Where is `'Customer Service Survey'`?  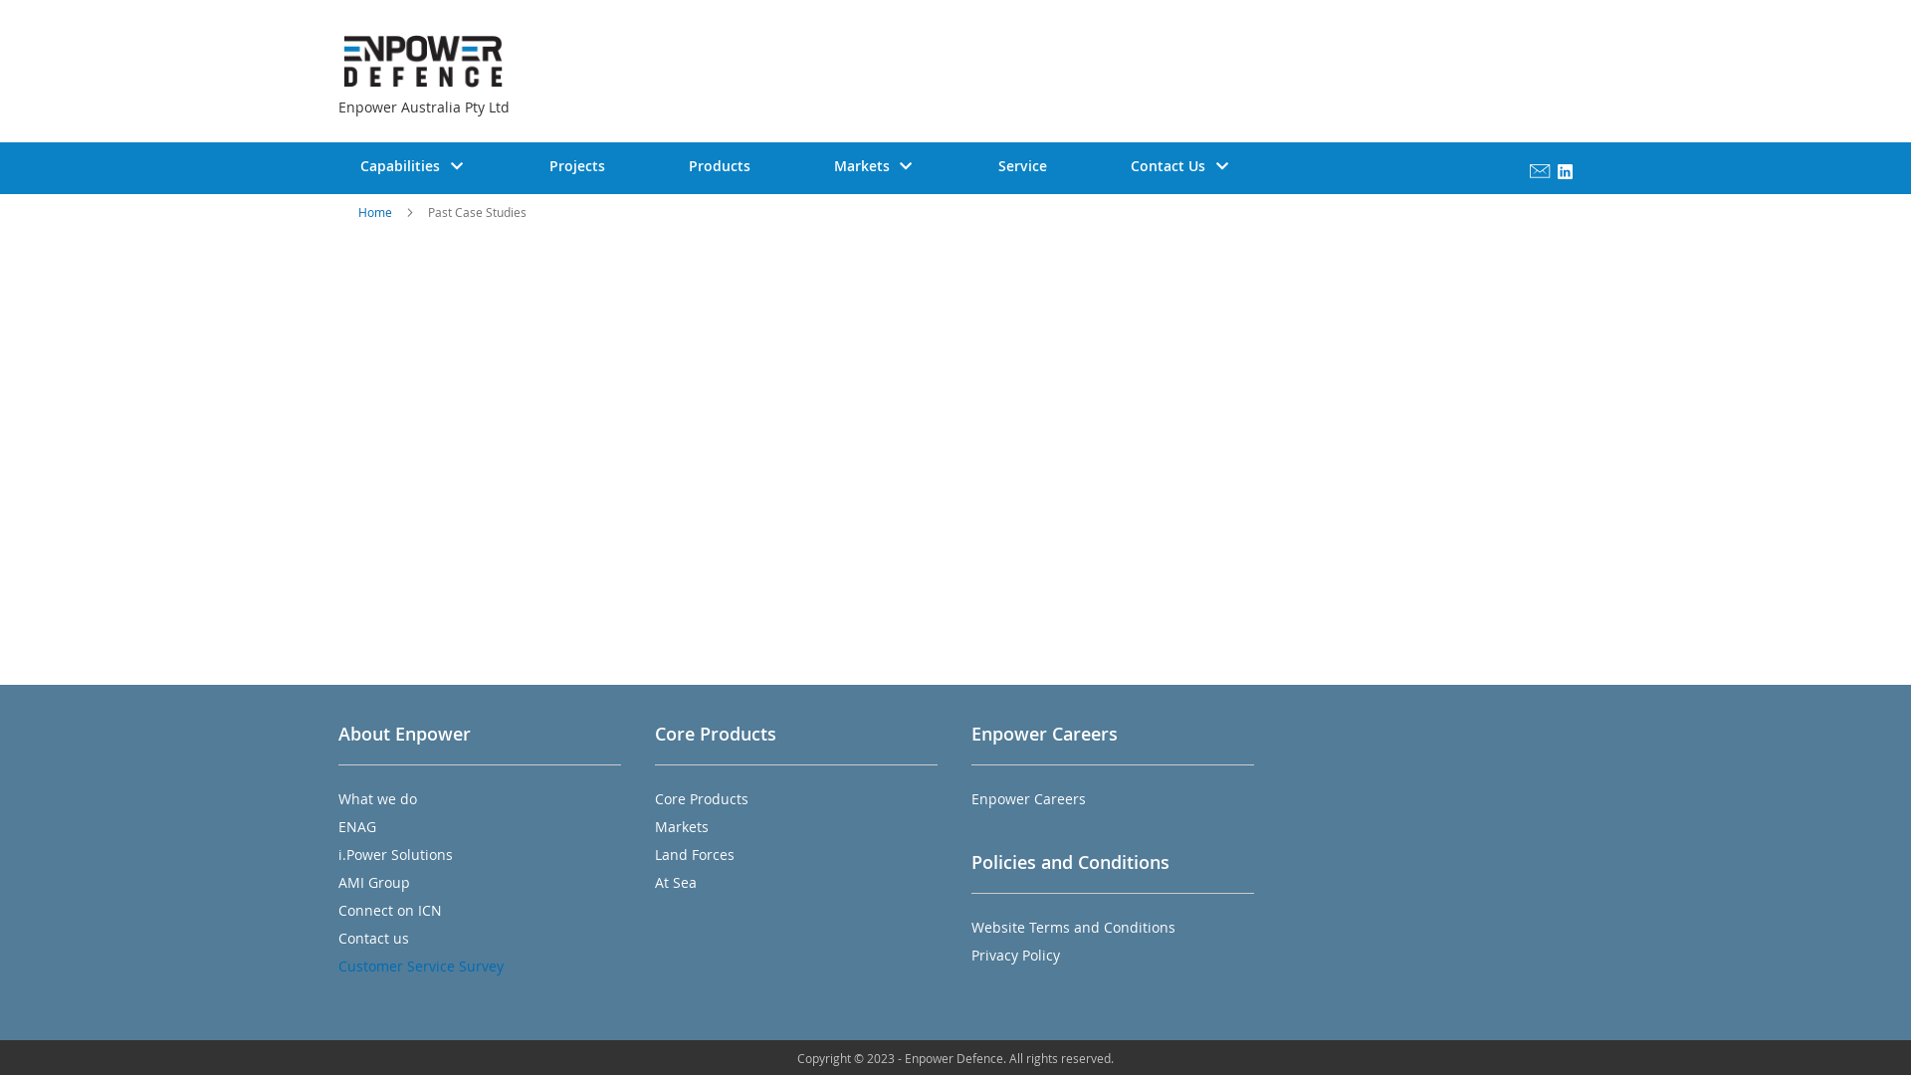 'Customer Service Survey' is located at coordinates (419, 965).